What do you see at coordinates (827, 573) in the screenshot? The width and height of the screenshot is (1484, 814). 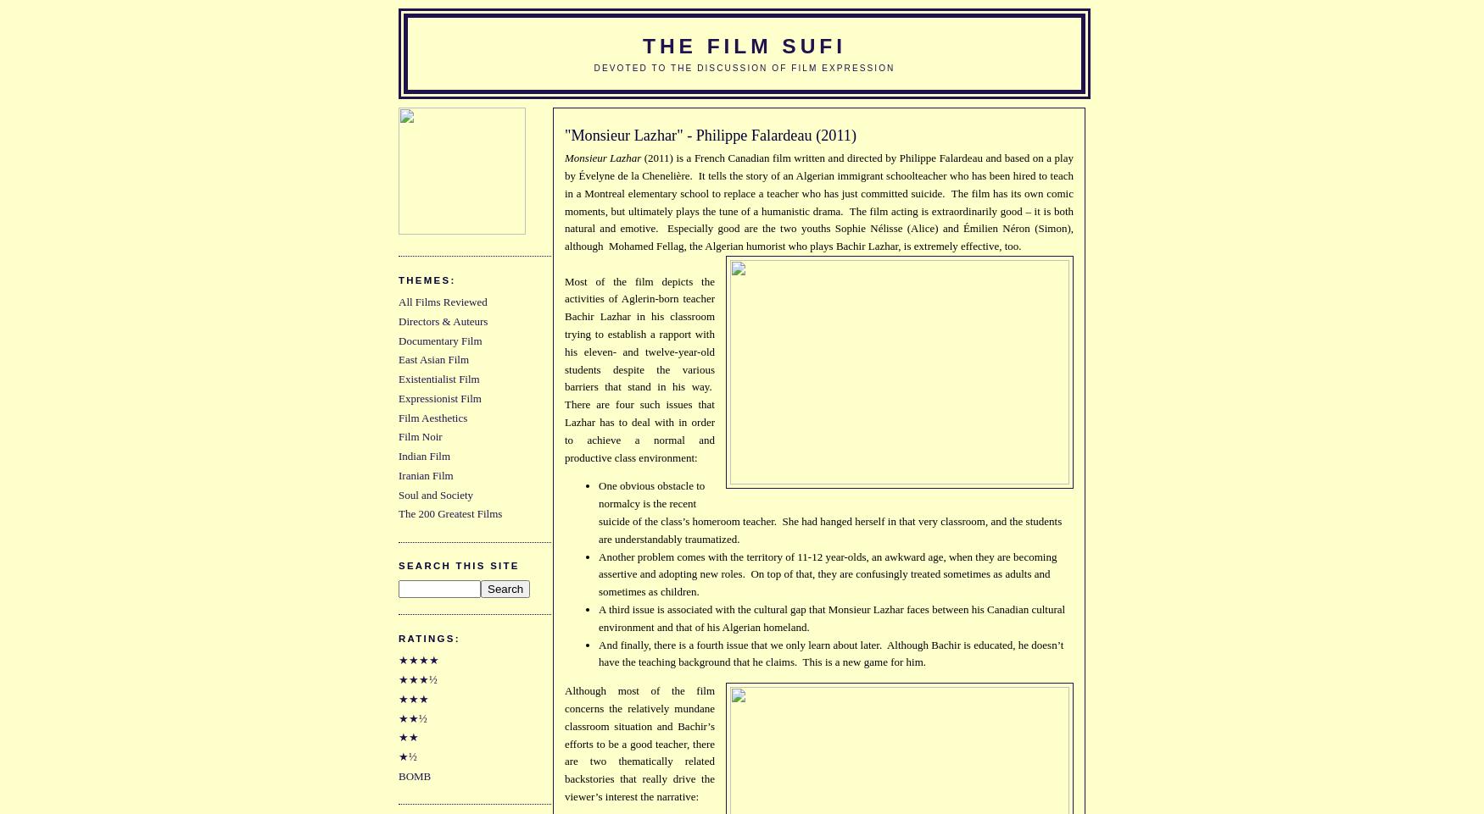 I see `'Another problem comes with the territory of 11-12 year-olds, an awkward age, when they are becoming assertive and adopting new roles.  On top of that, they are confusingly treated sometimes as adults and sometimes as children.'` at bounding box center [827, 573].